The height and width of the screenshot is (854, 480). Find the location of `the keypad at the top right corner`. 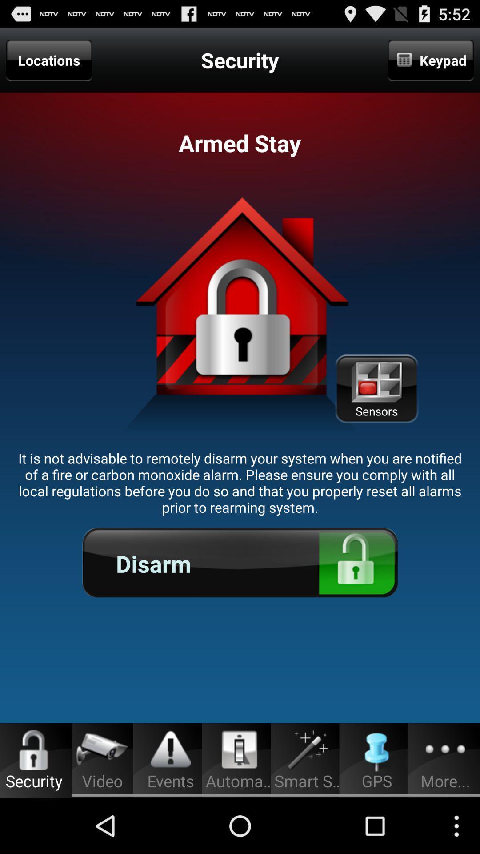

the keypad at the top right corner is located at coordinates (430, 60).